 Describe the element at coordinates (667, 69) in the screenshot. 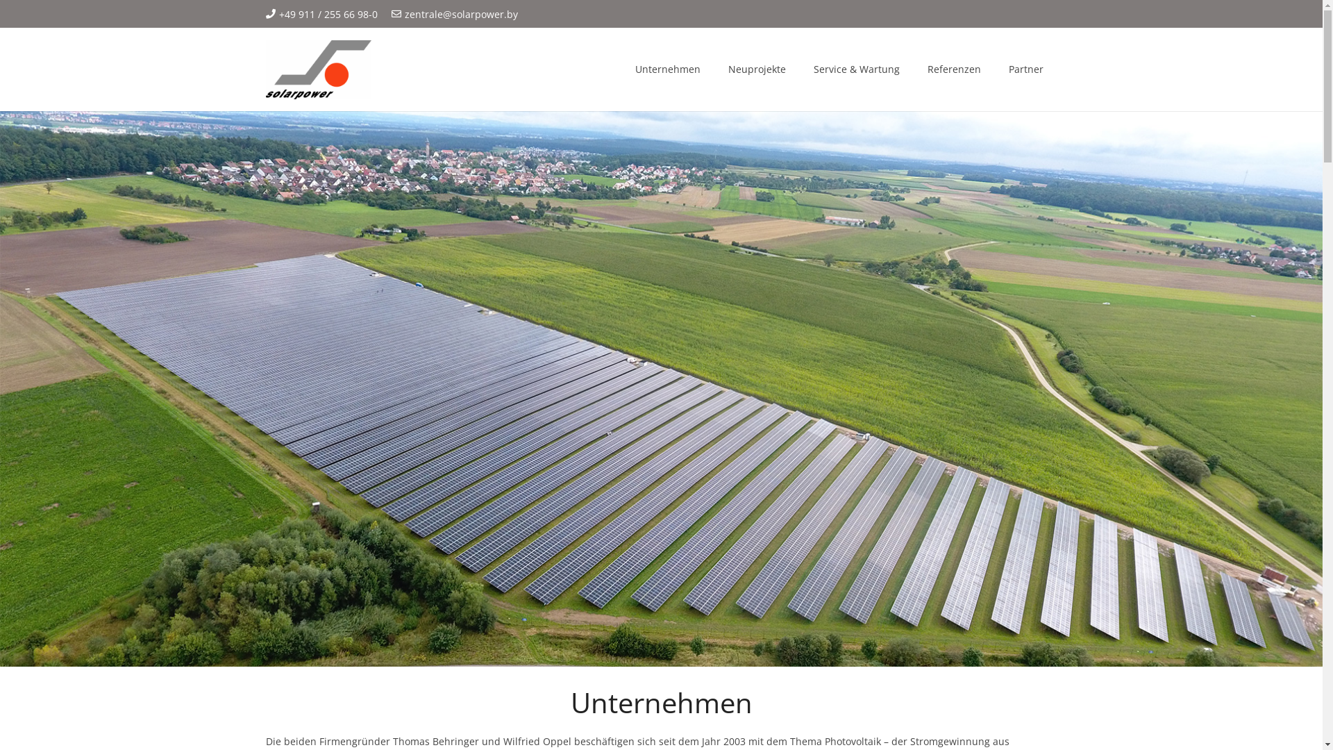

I see `'Unternehmen'` at that location.